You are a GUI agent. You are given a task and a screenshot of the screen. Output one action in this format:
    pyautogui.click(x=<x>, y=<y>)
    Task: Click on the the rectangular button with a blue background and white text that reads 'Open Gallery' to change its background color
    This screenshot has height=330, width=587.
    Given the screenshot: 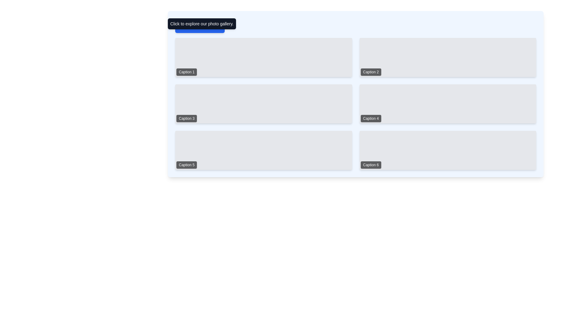 What is the action you would take?
    pyautogui.click(x=200, y=25)
    